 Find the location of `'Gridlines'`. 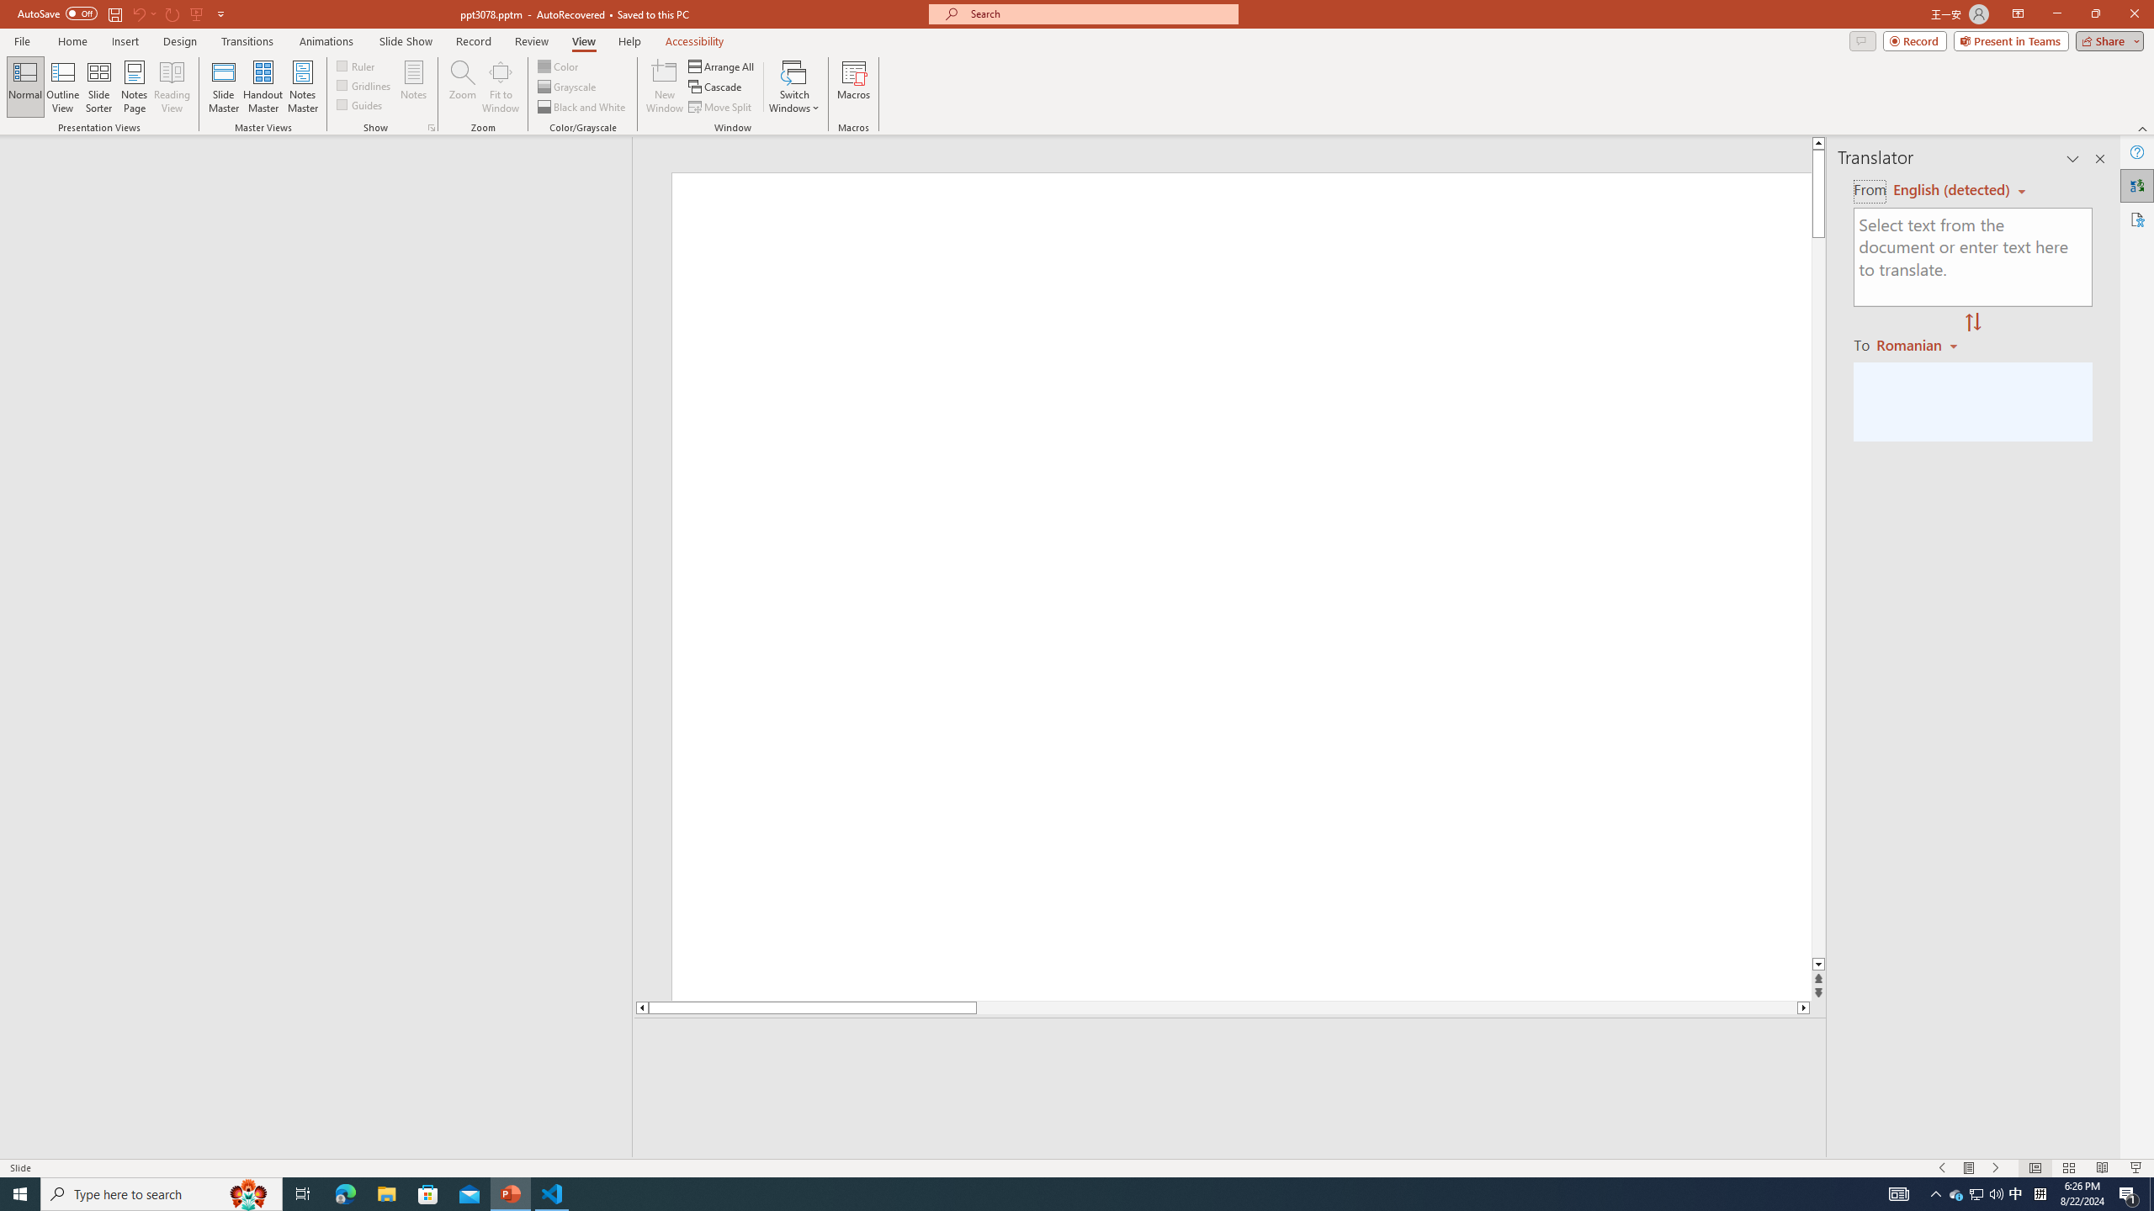

'Gridlines' is located at coordinates (363, 83).